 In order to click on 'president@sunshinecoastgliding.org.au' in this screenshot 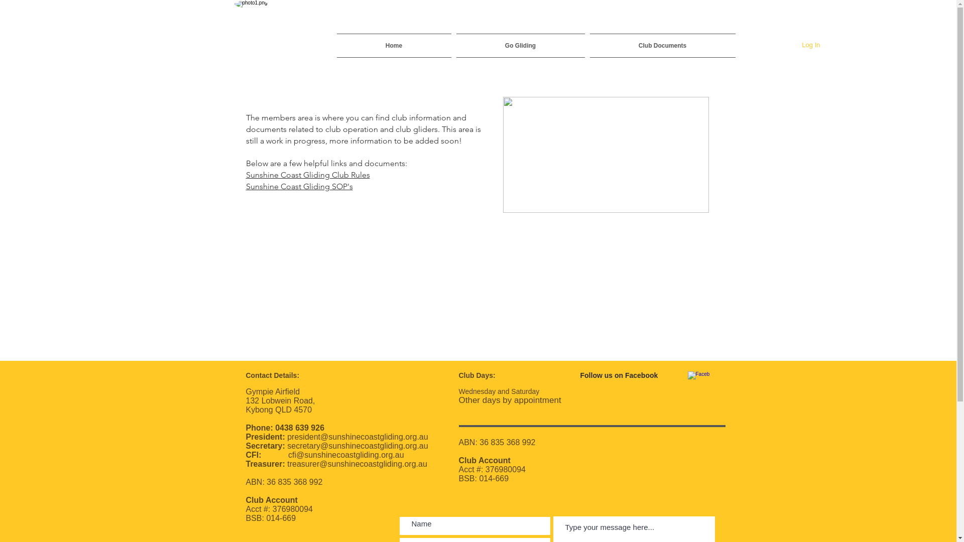, I will do `click(357, 436)`.